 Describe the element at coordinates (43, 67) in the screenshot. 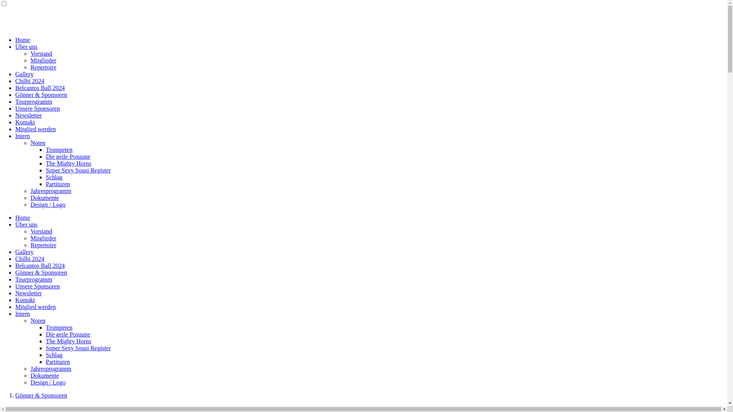

I see `'Repertoire'` at that location.